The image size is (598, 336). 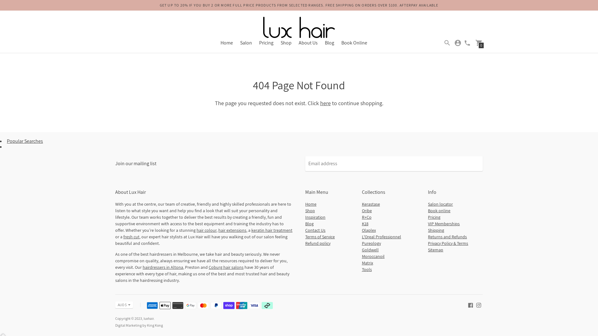 I want to click on 'keratin hair treatment', so click(x=272, y=230).